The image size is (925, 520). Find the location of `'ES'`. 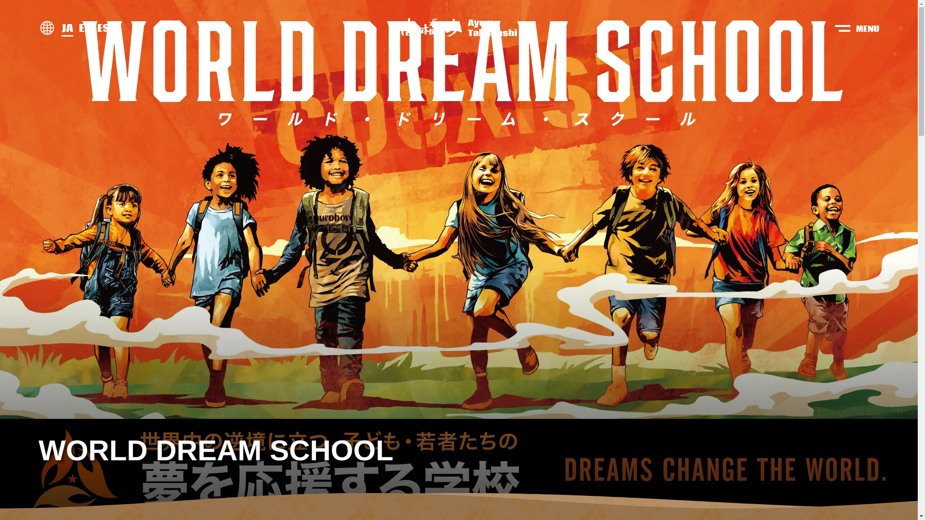

'ES' is located at coordinates (103, 27).